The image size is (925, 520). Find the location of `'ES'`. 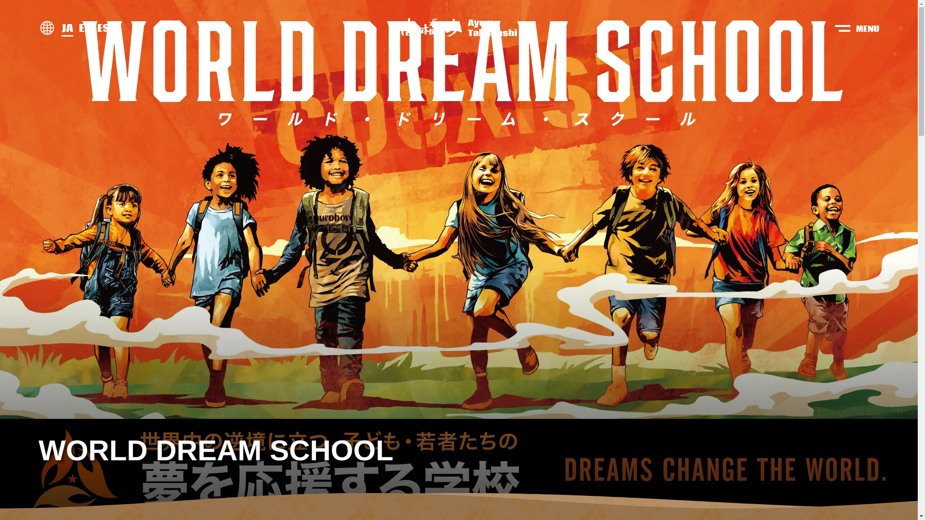

'ES' is located at coordinates (103, 27).